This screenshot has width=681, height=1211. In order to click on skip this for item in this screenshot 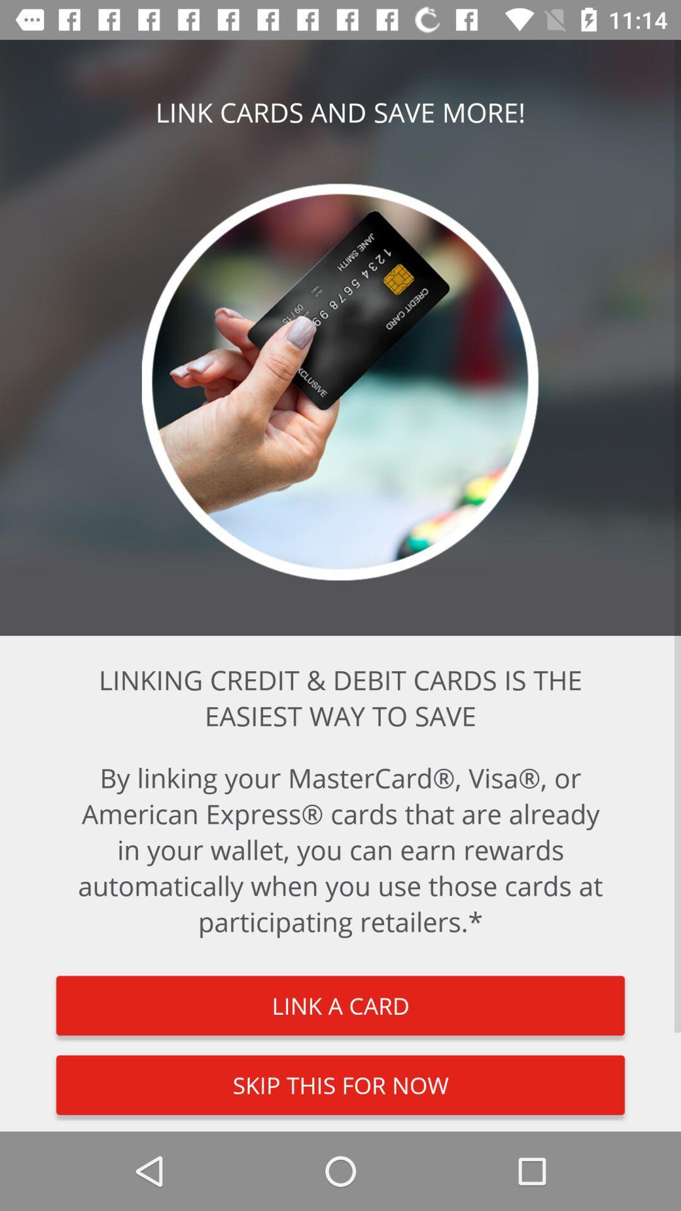, I will do `click(340, 1084)`.